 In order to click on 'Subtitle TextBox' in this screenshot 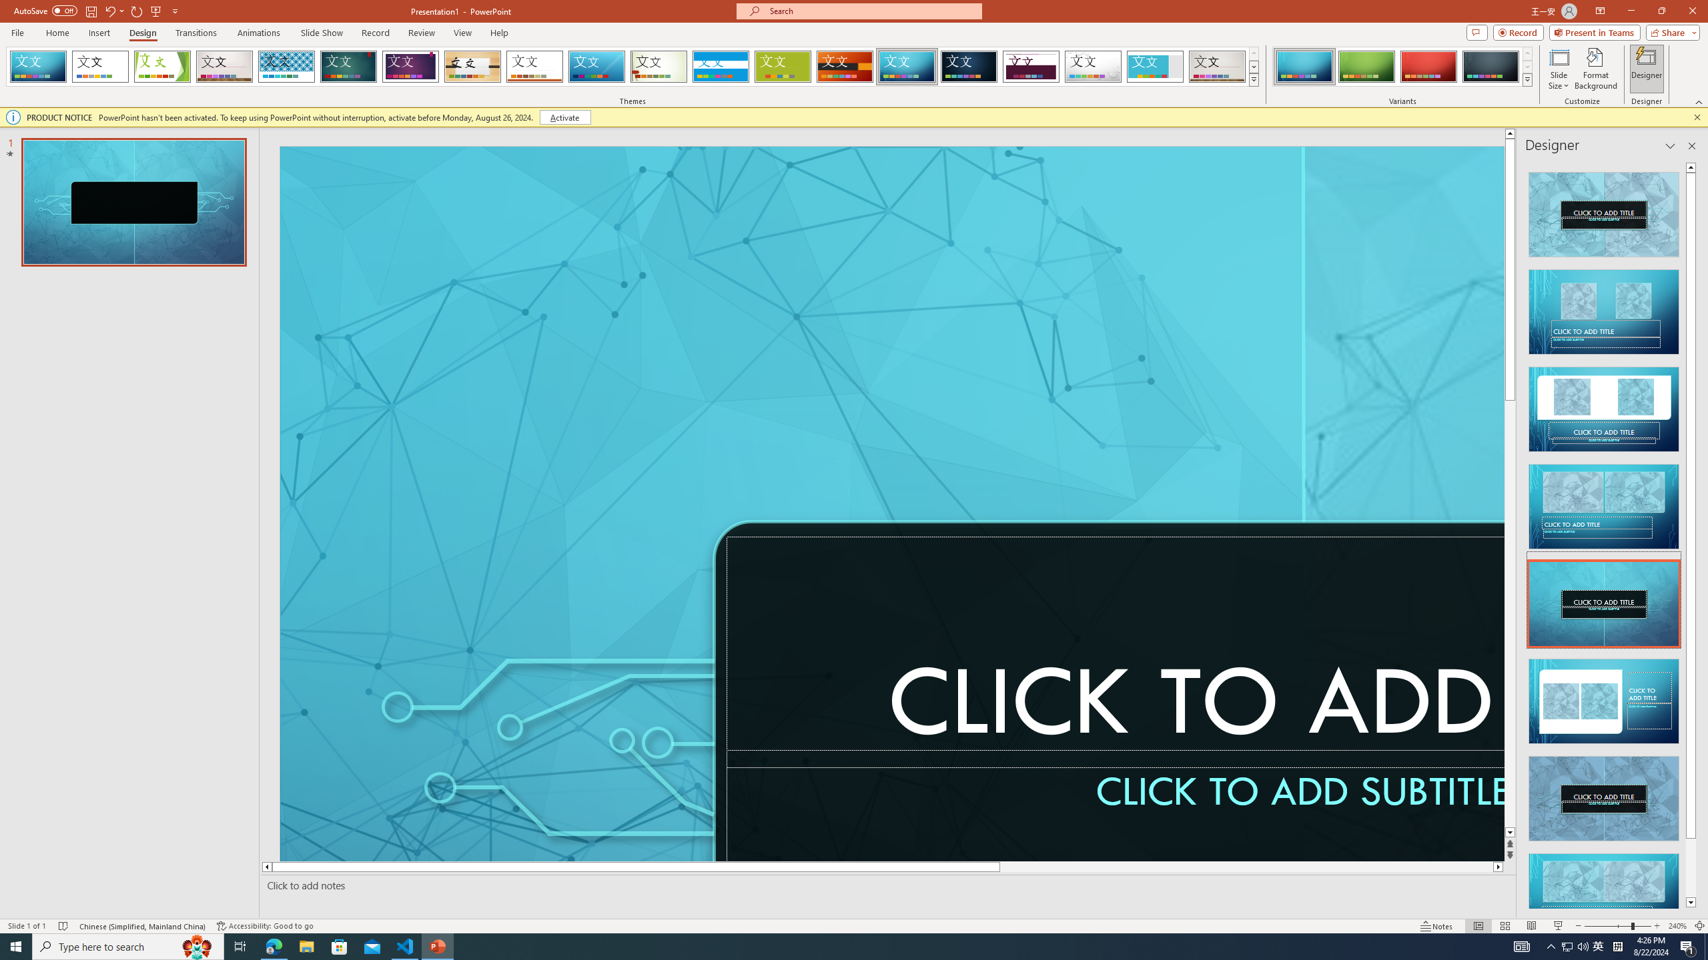, I will do `click(1115, 805)`.